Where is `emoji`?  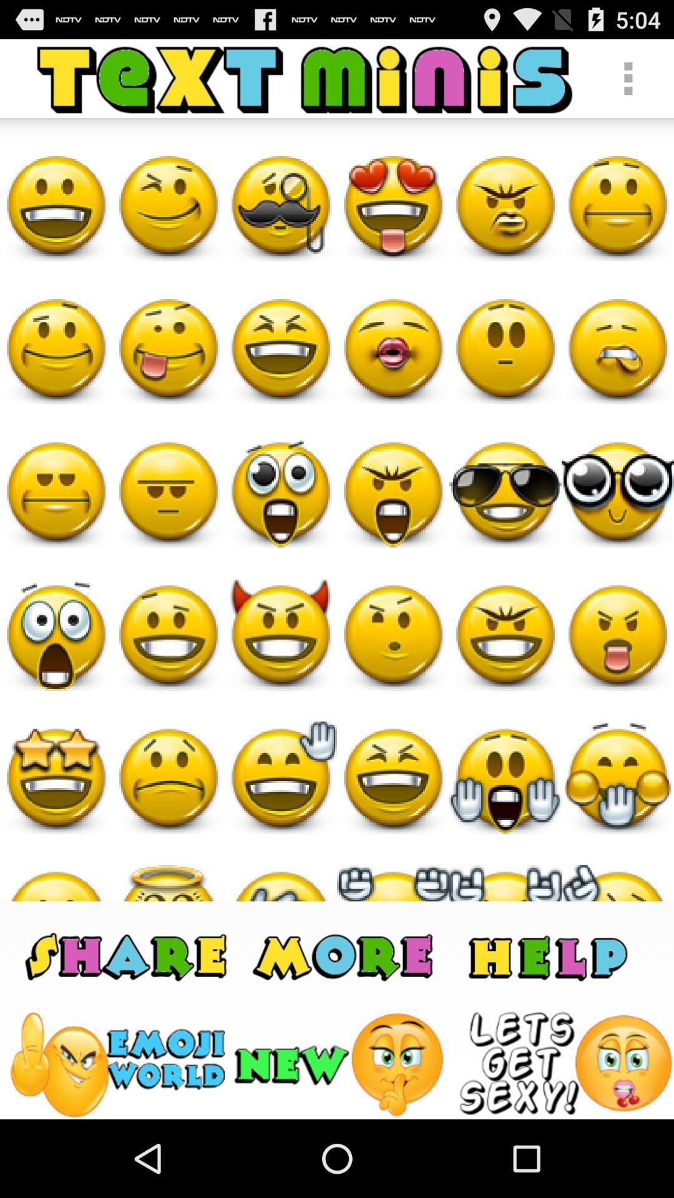 emoji is located at coordinates (116, 1064).